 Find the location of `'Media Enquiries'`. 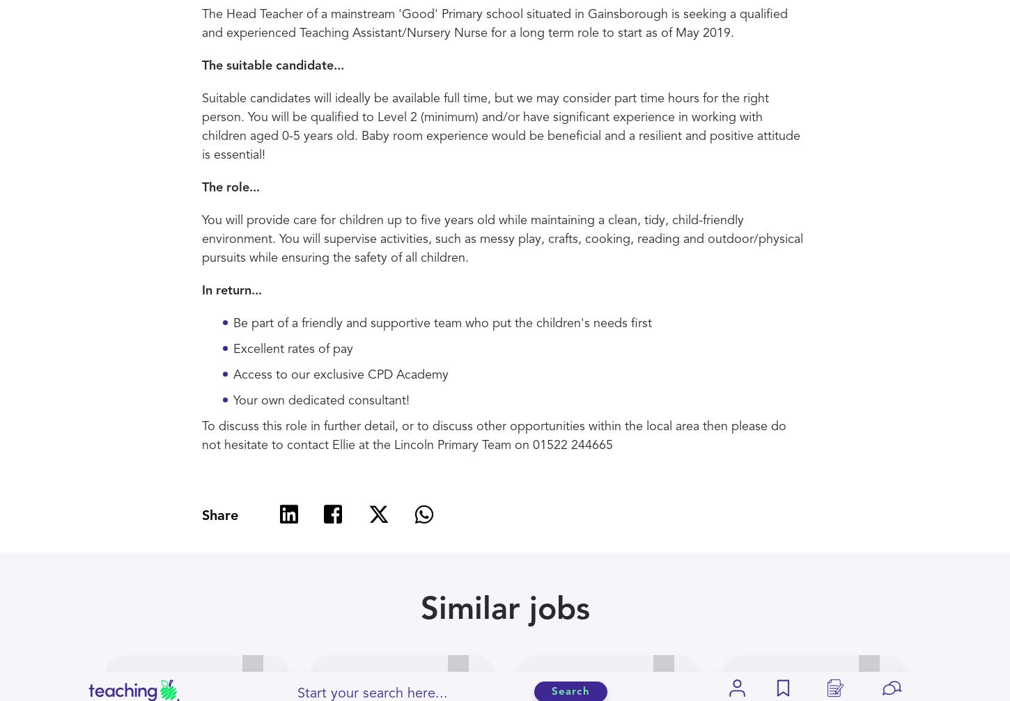

'Media Enquiries' is located at coordinates (352, 537).